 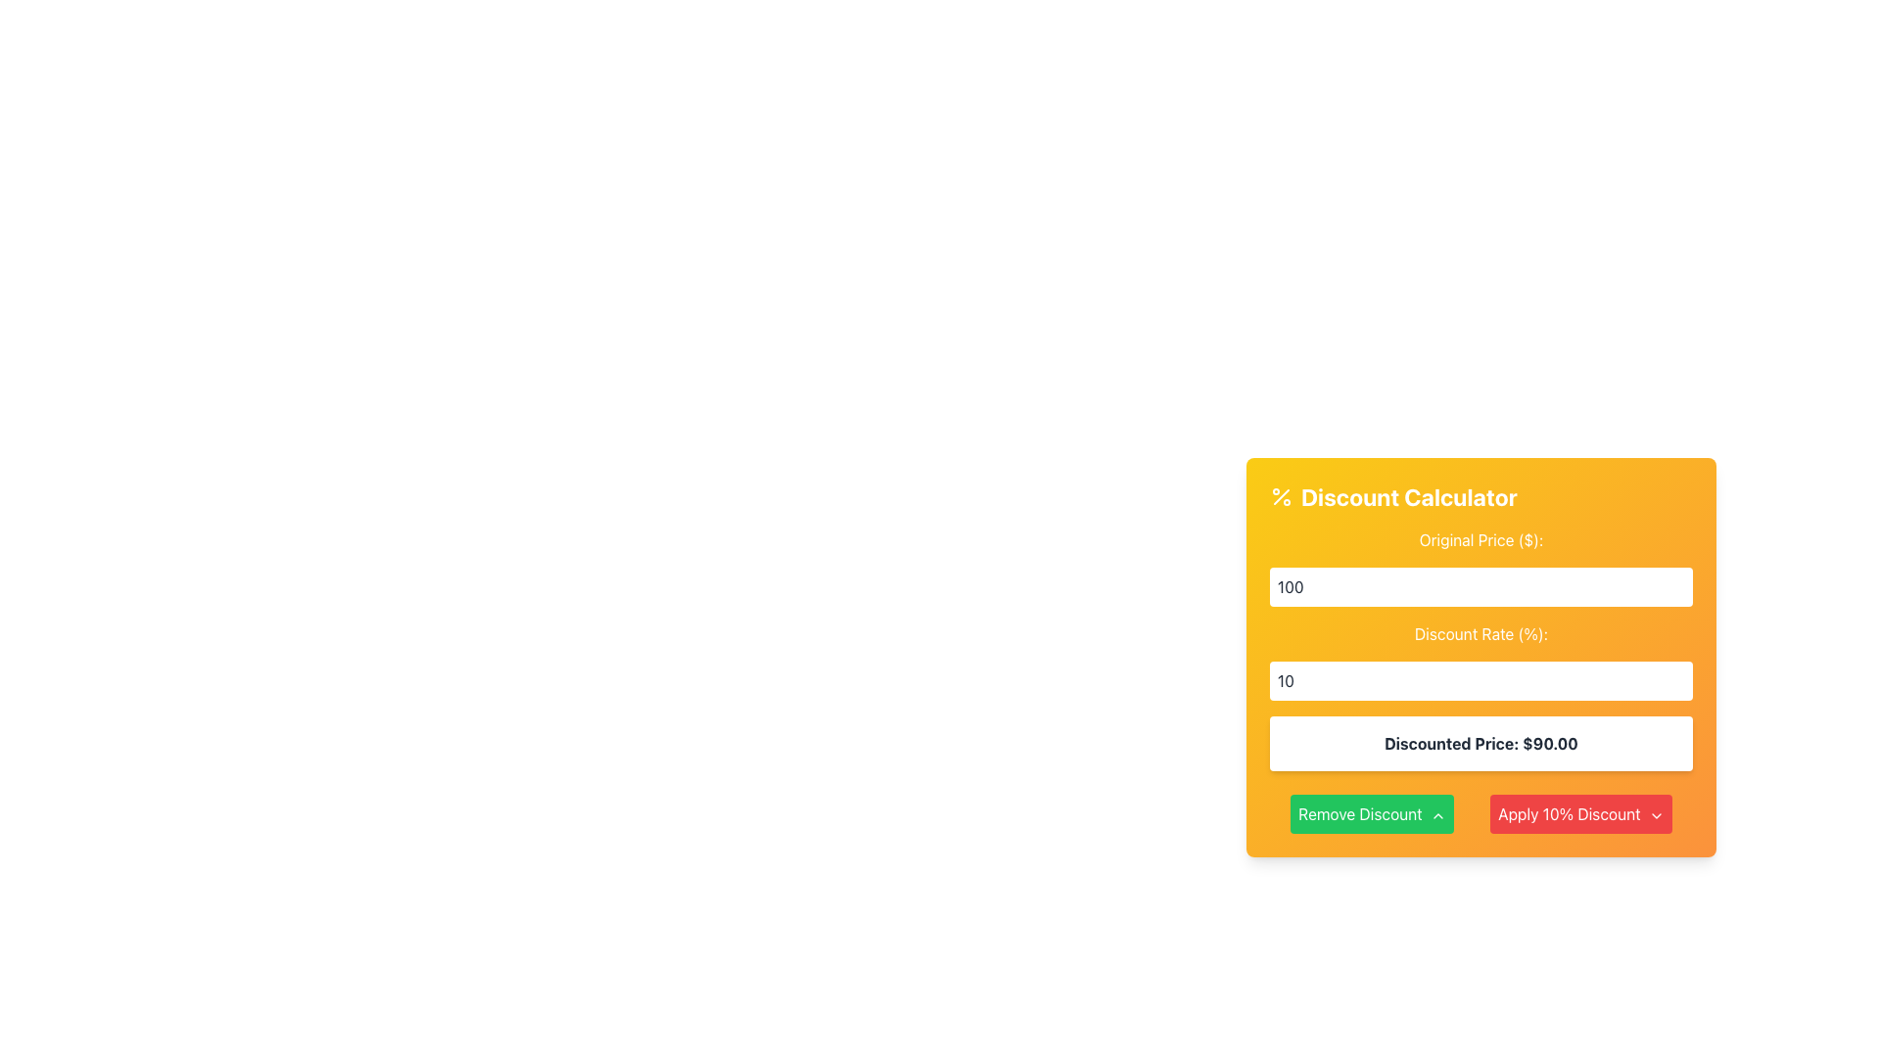 I want to click on the 'Apply 10% Discount' button located in the bottom right section of the 'Discount Calculator' interface to apply the discount, so click(x=1580, y=814).